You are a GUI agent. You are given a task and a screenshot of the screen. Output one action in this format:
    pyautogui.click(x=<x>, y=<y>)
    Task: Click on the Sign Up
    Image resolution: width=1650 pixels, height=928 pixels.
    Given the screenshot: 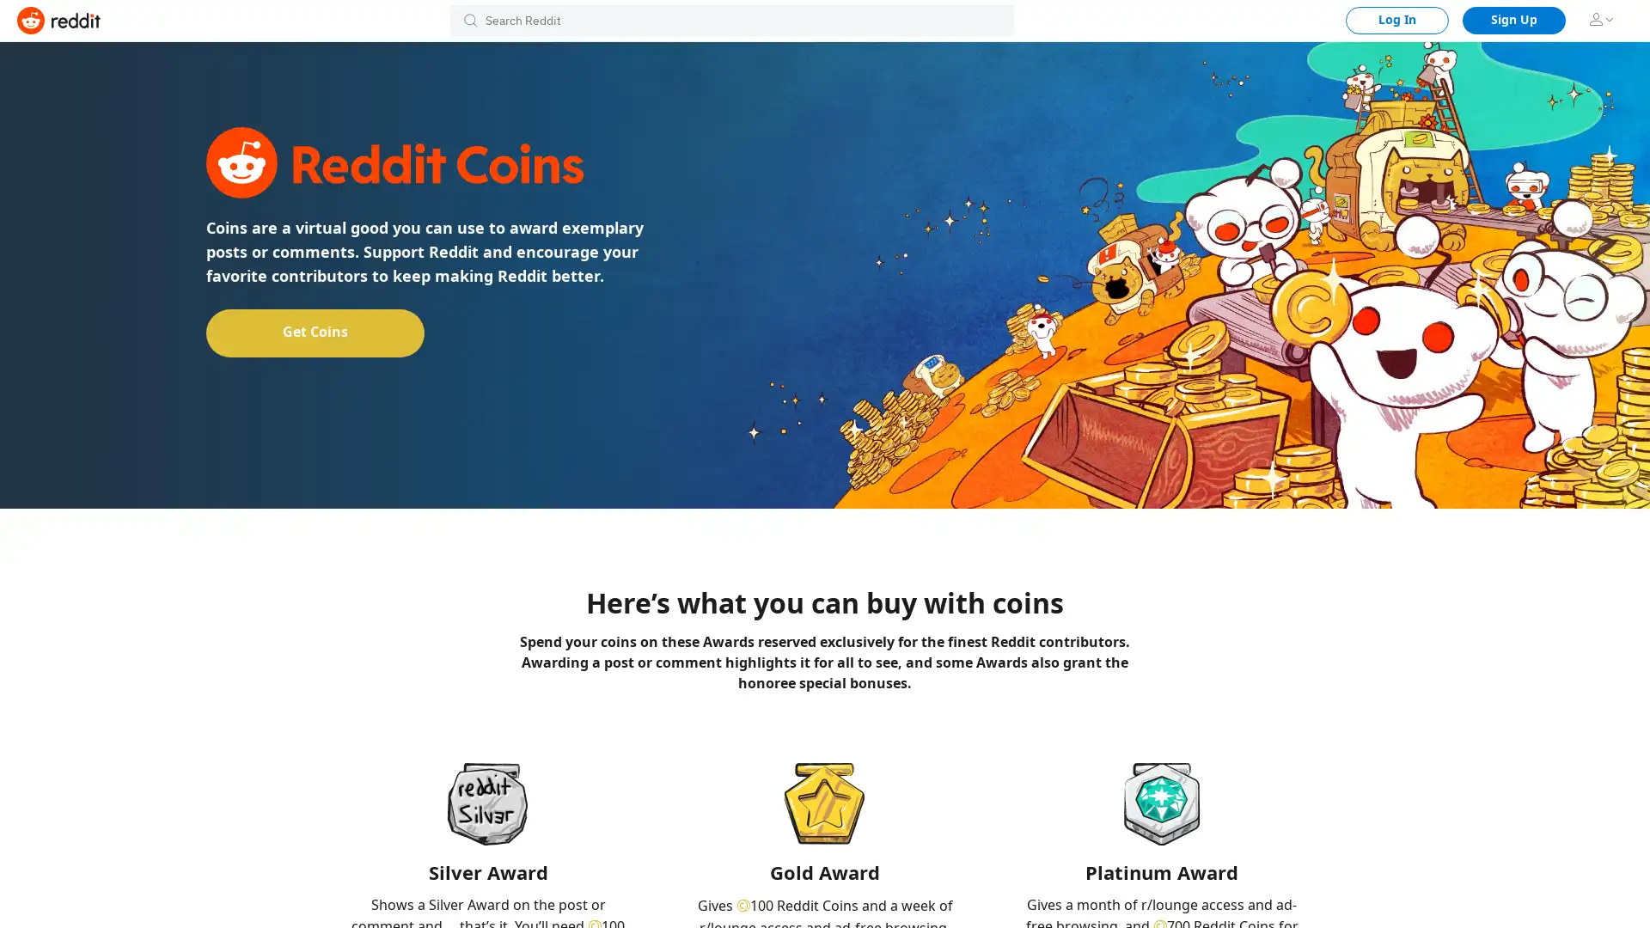 What is the action you would take?
    pyautogui.click(x=1513, y=20)
    